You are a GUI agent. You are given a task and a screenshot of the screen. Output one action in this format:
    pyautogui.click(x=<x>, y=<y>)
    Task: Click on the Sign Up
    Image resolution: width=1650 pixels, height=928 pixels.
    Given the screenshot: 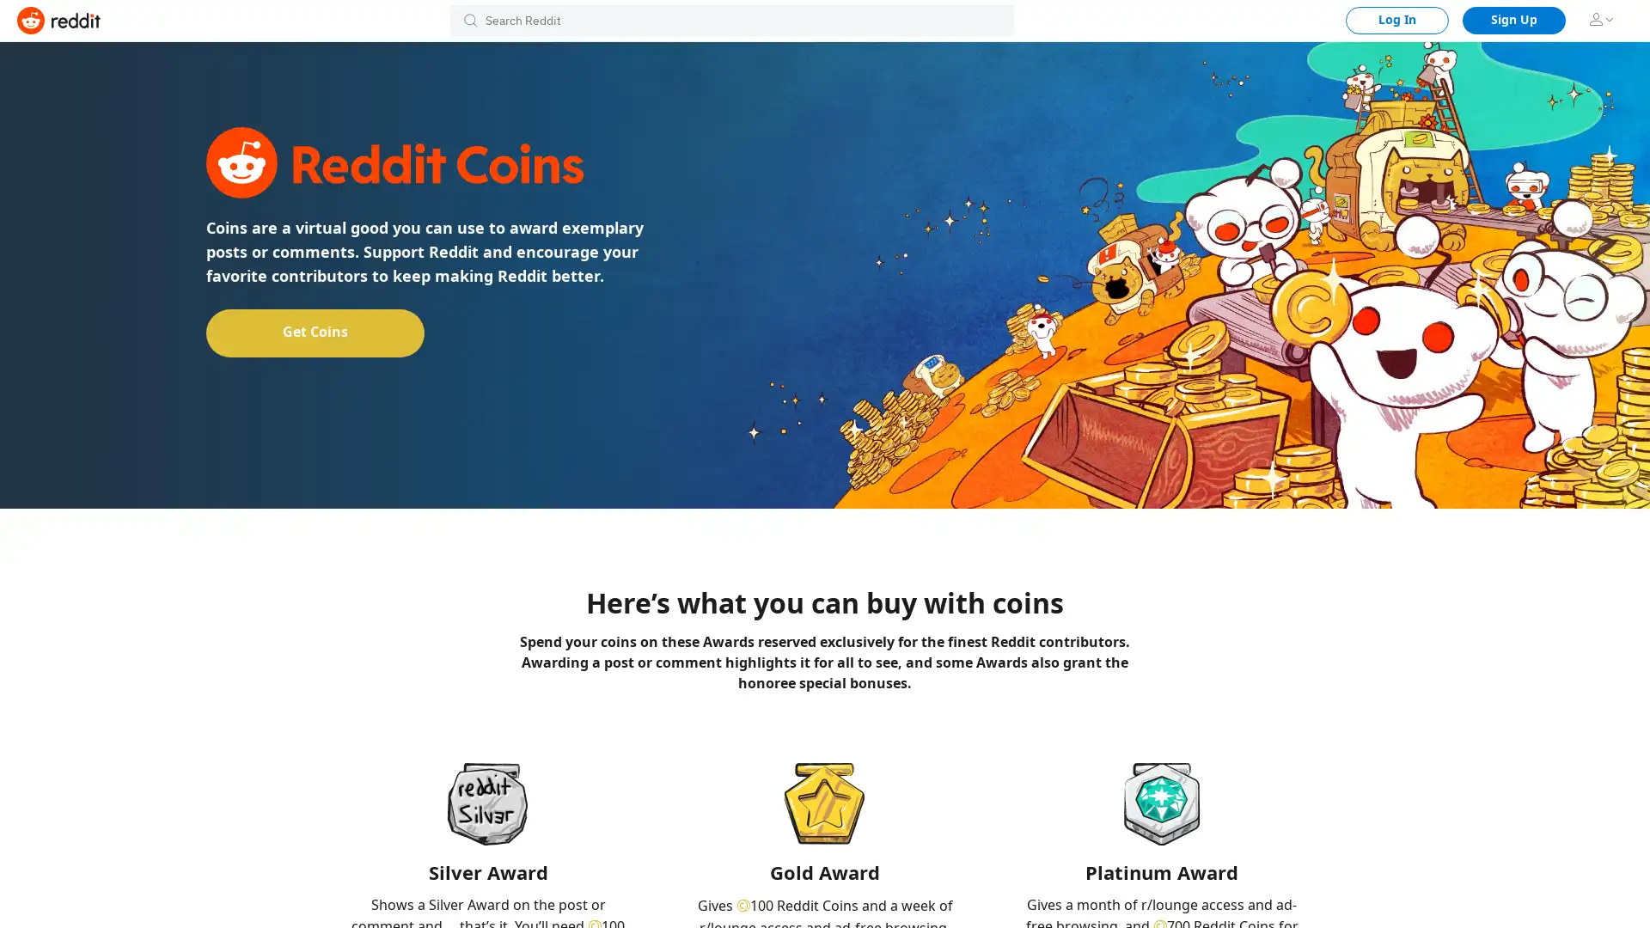 What is the action you would take?
    pyautogui.click(x=1513, y=20)
    